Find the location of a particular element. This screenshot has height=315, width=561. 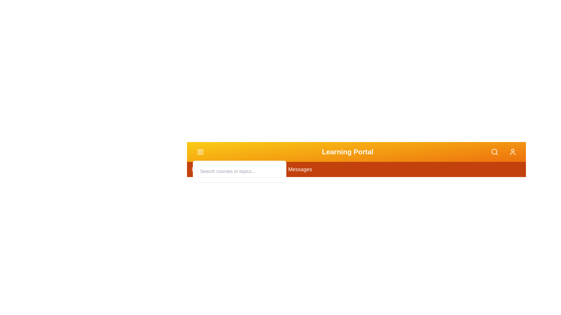

the user profile button located at the top-right corner of the app bar is located at coordinates (512, 151).